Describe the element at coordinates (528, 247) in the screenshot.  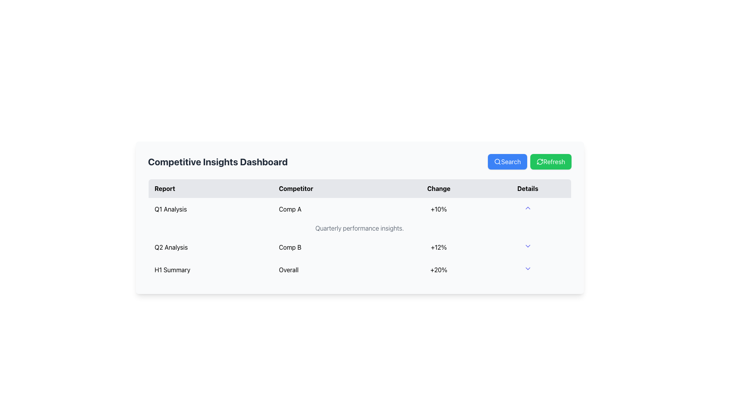
I see `the downward-pointing chevron arrow icon in the 'Details' column under the 'Q2 Analysis' and 'Comp B' row` at that location.